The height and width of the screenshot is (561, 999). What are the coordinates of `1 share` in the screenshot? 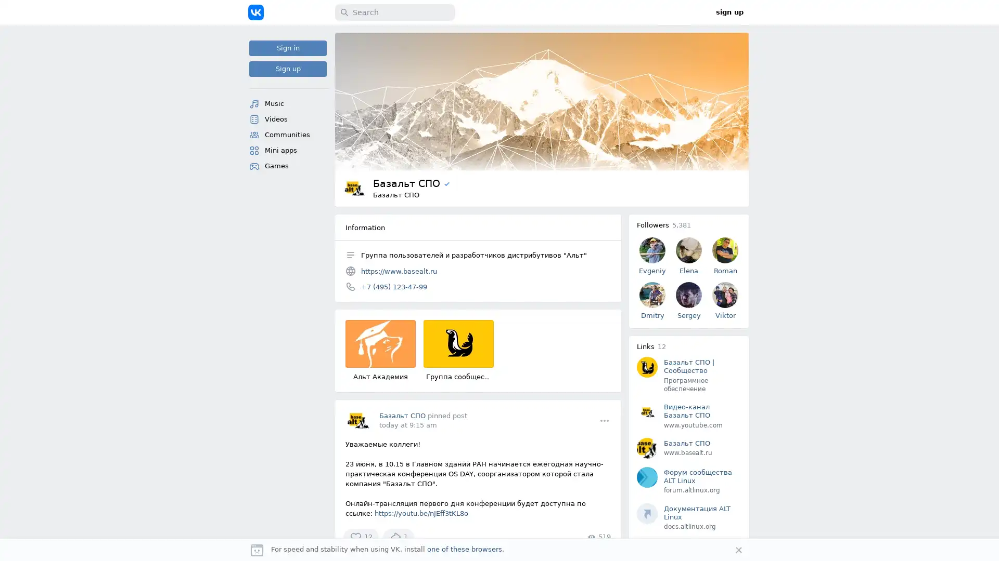 It's located at (398, 537).